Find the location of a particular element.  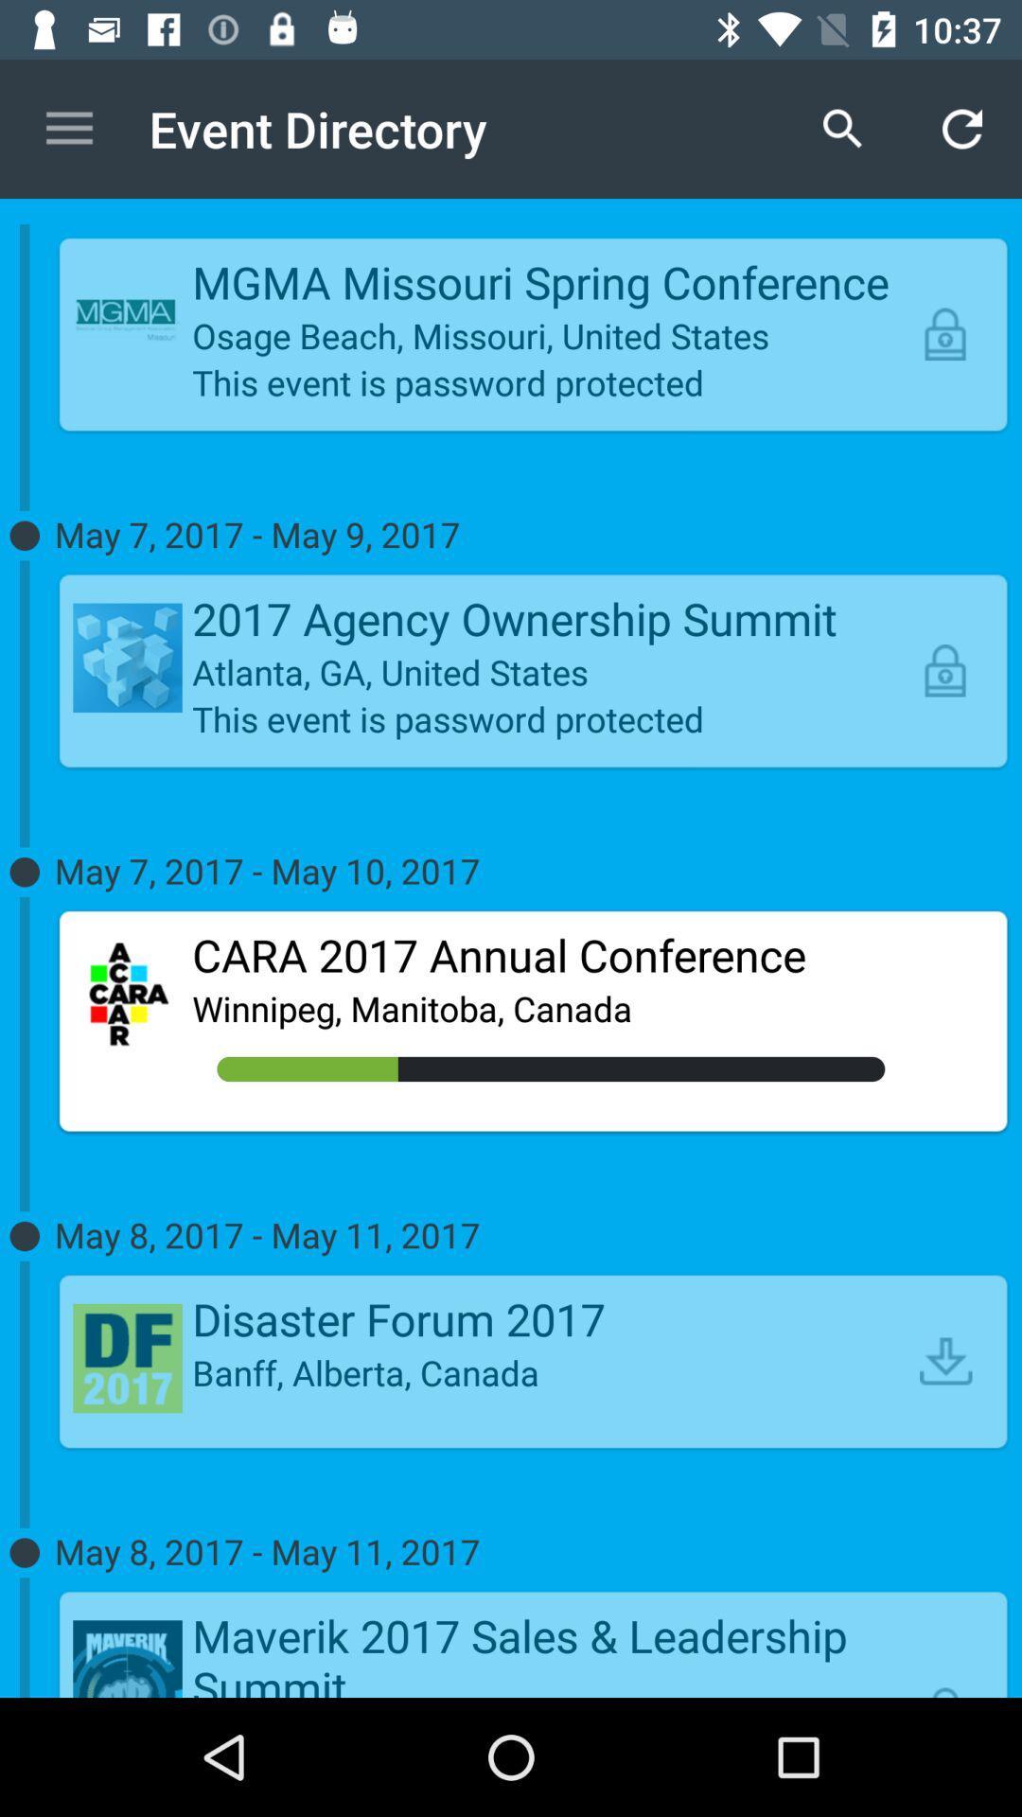

the icon below may 8 2017 item is located at coordinates (551, 1650).